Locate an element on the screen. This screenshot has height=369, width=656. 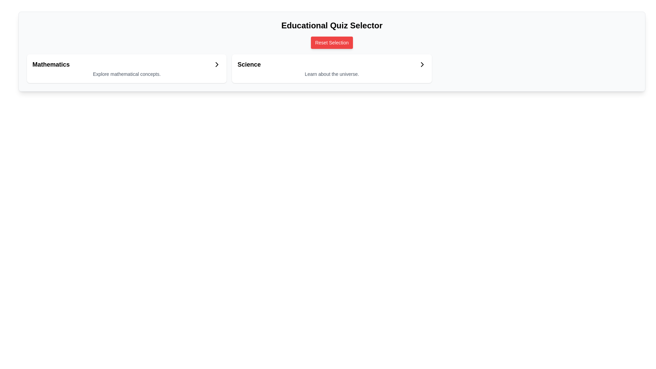
title 'Educational Quiz Selector' displayed prominently at the top of the interface is located at coordinates (332, 25).